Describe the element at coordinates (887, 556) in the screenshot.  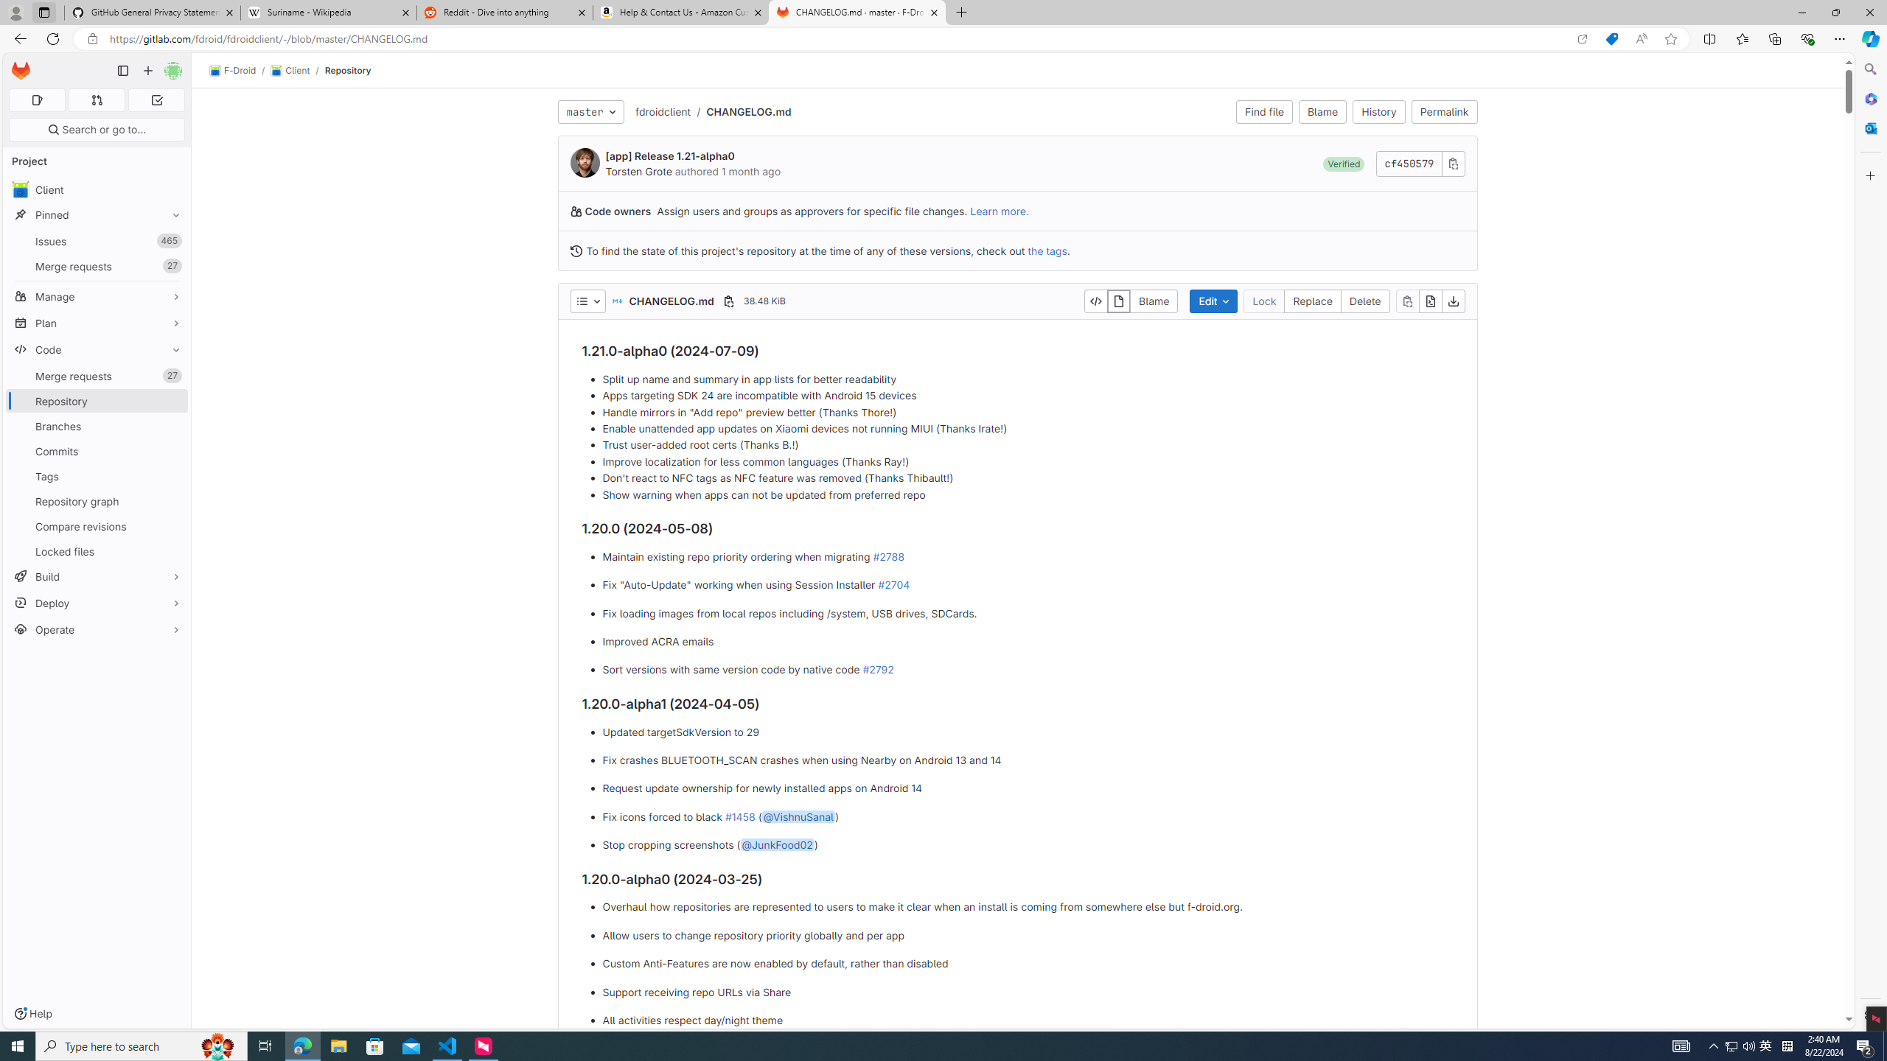
I see `'#2788'` at that location.